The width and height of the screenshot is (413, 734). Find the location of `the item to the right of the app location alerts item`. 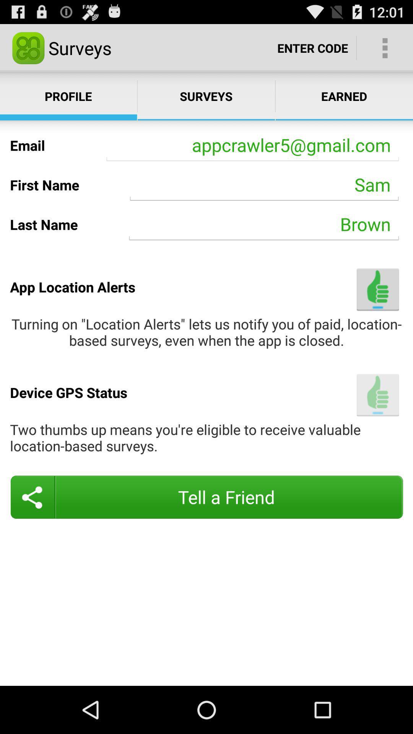

the item to the right of the app location alerts item is located at coordinates (377, 289).